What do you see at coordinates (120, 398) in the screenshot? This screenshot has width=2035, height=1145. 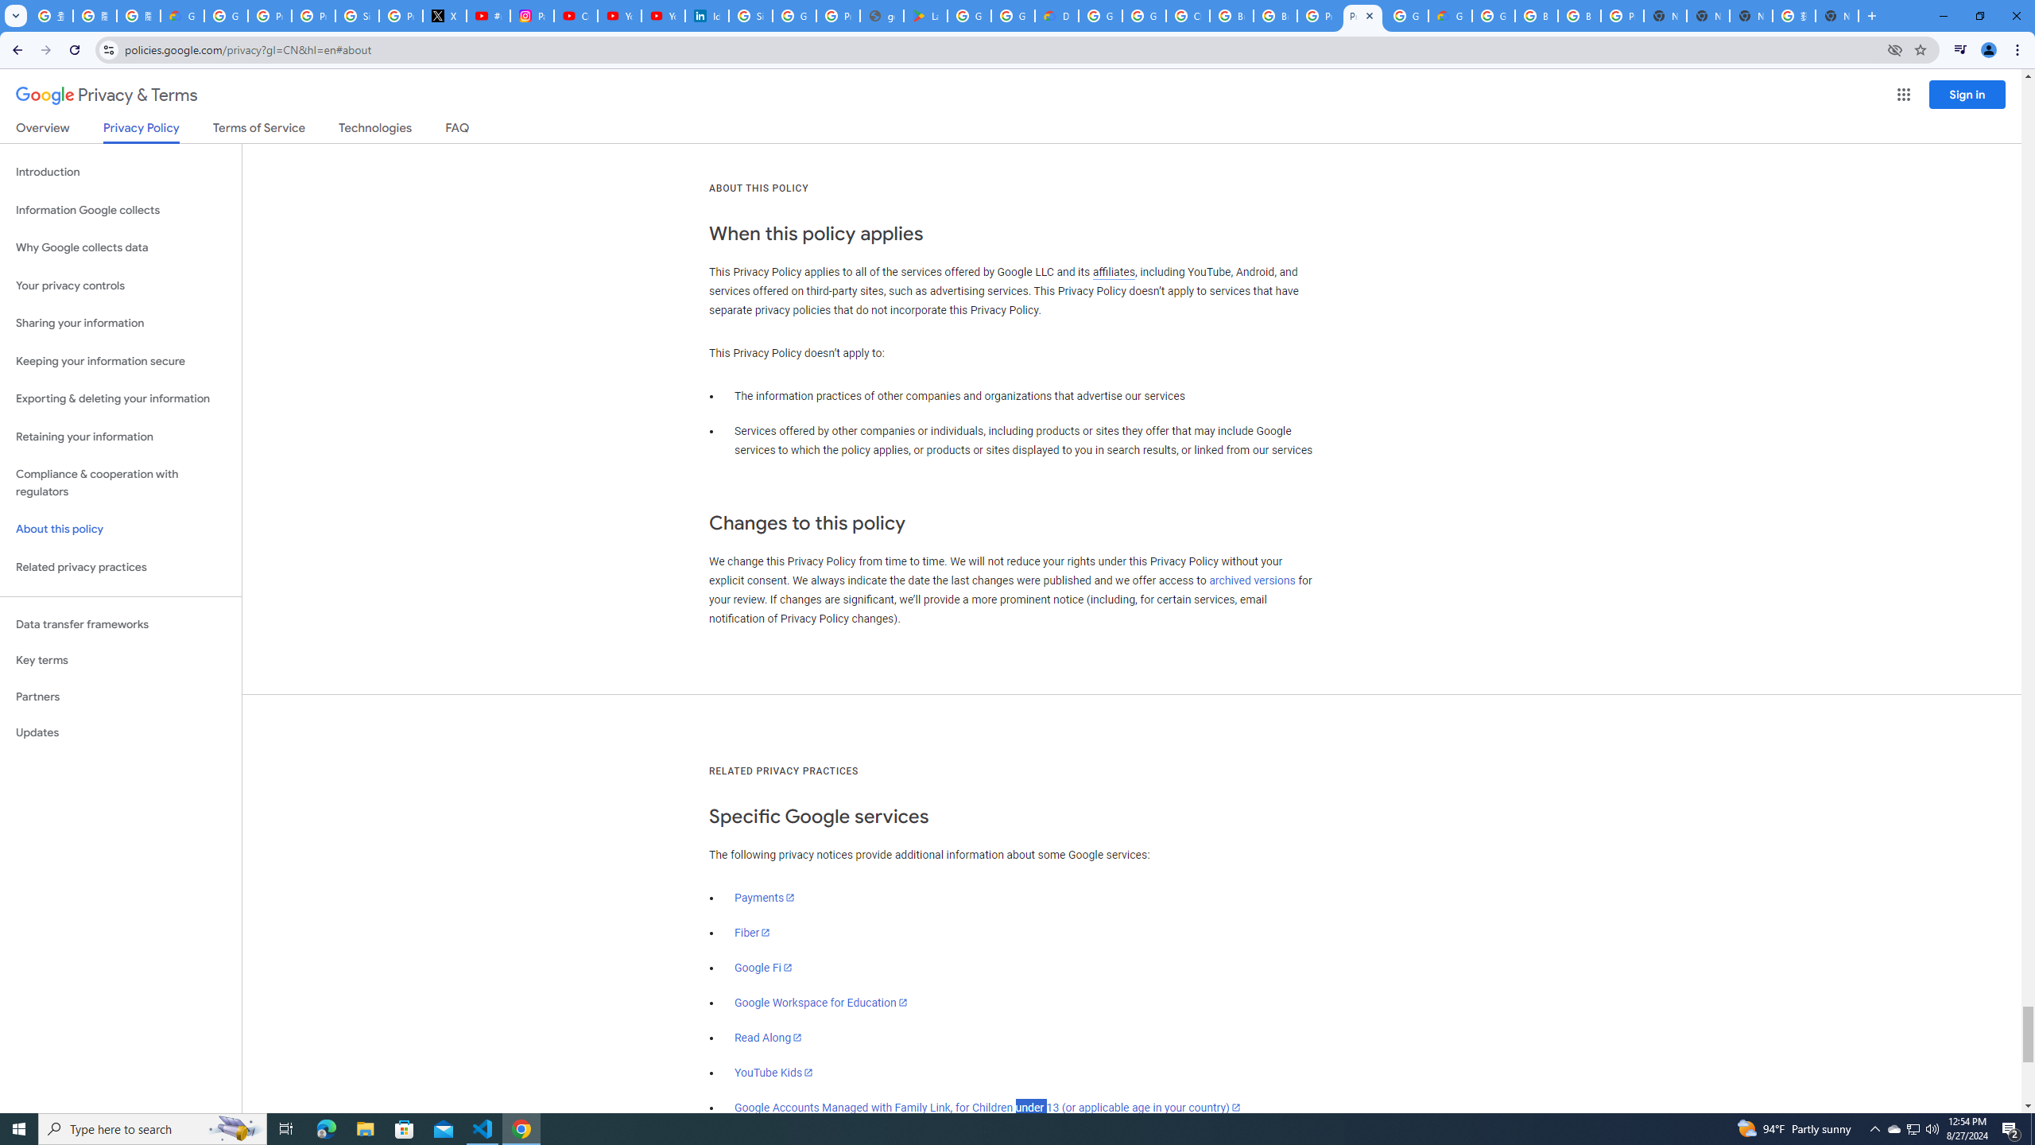 I see `'Exporting & deleting your information'` at bounding box center [120, 398].